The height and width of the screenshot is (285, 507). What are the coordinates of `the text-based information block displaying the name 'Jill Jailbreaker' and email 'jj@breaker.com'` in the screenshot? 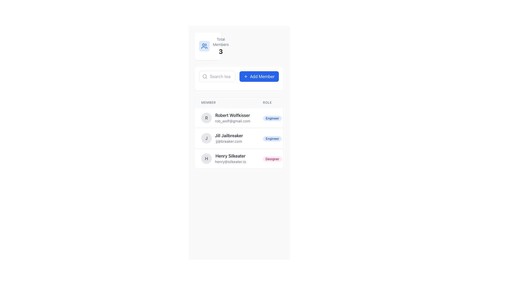 It's located at (229, 138).